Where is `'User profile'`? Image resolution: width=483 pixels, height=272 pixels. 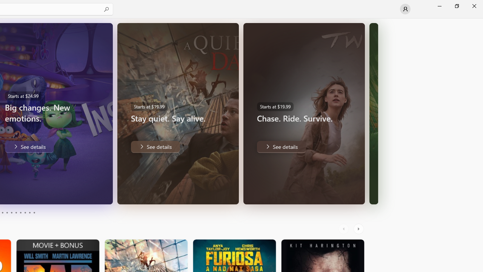
'User profile' is located at coordinates (405, 9).